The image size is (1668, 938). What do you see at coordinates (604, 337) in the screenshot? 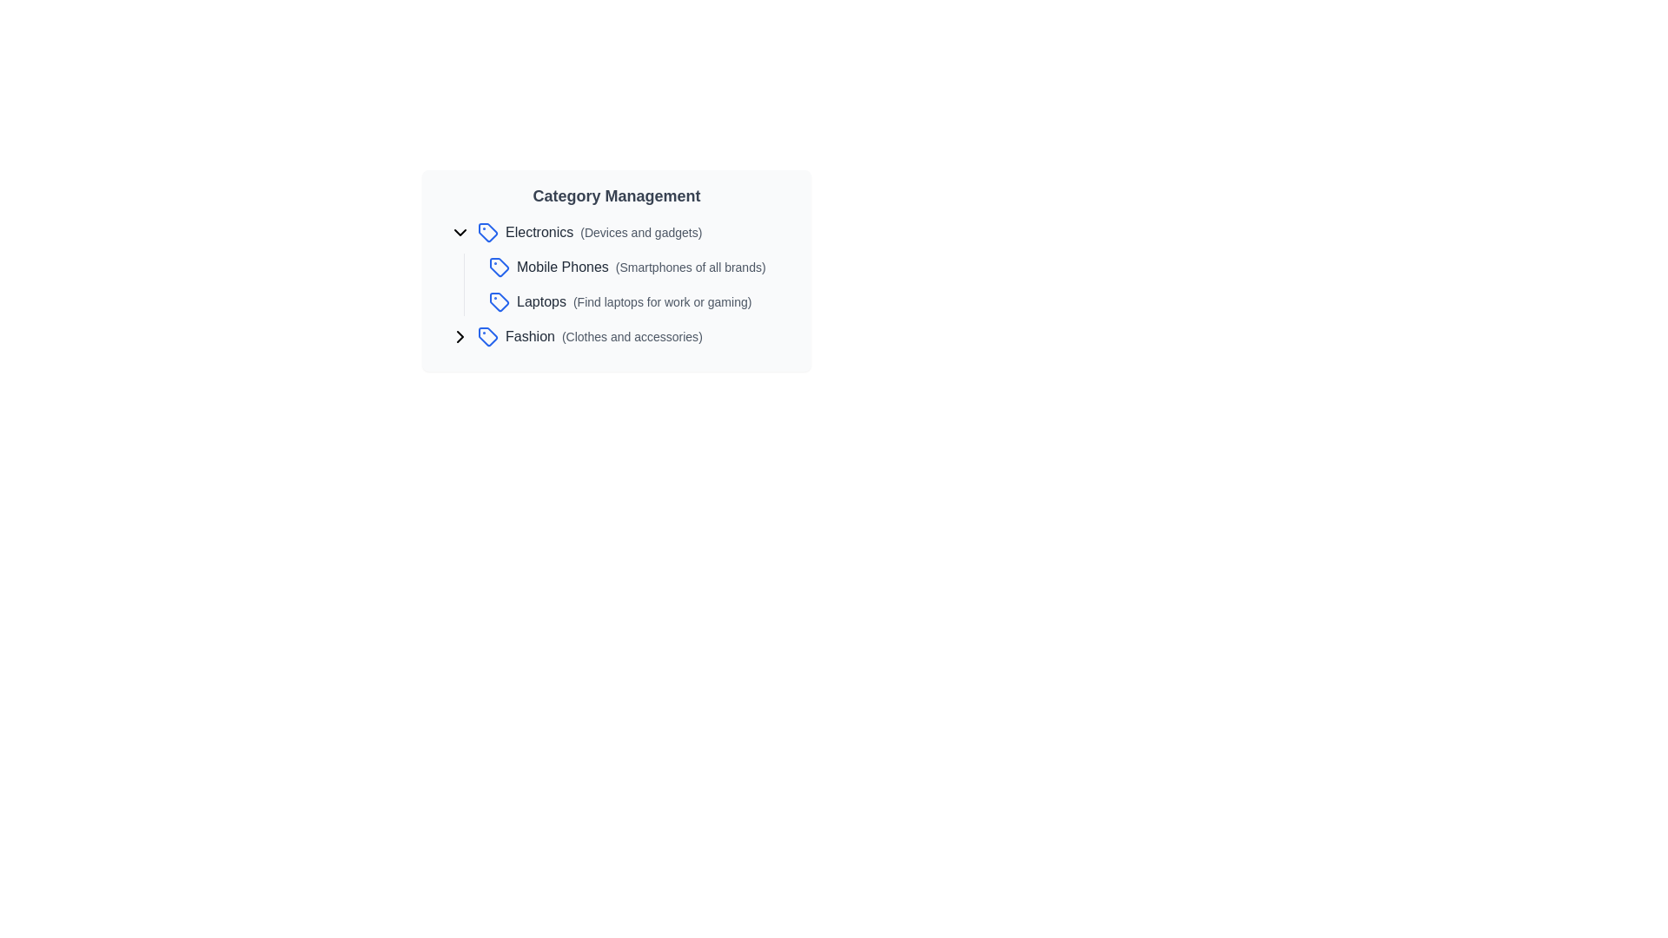
I see `the Text Label with Description for the 'Fashion' category in the 'Category Management' list, positioned below 'Laptops' and above additional categories` at bounding box center [604, 337].